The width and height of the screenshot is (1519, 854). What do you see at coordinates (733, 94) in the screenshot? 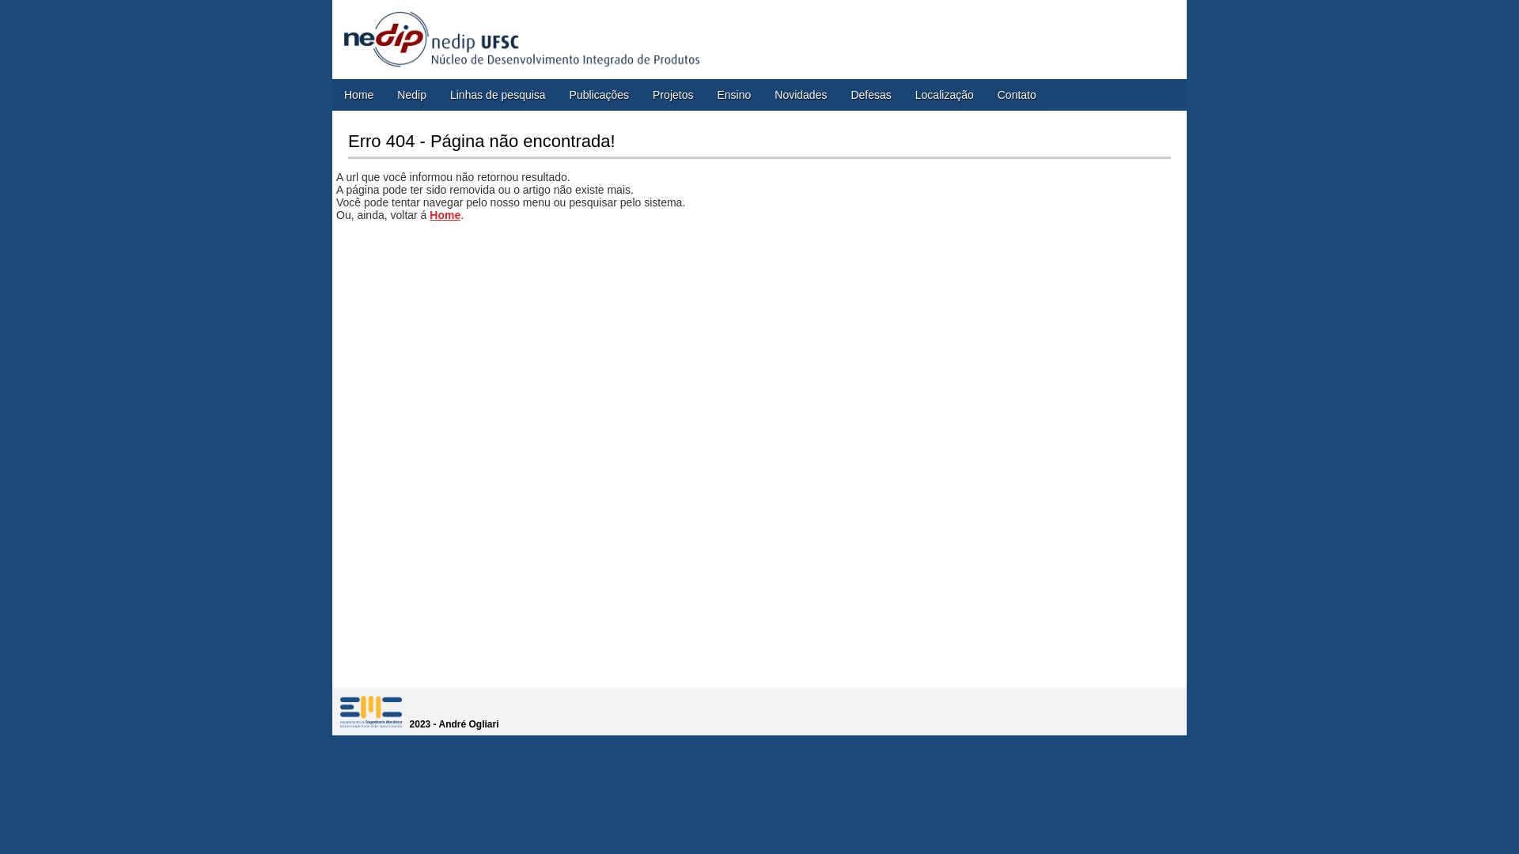
I see `'Ensino'` at bounding box center [733, 94].